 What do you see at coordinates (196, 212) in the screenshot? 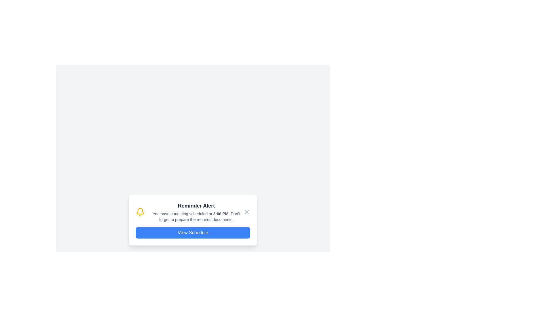
I see `the Notification Content element, which is located in the center of a notification card, to the right of a bell icon and above a button labeled 'View Schedule'` at bounding box center [196, 212].